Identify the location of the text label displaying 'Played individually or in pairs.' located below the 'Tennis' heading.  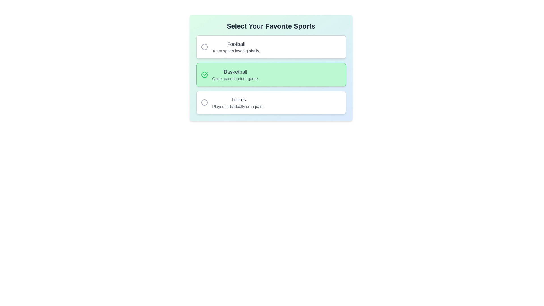
(238, 106).